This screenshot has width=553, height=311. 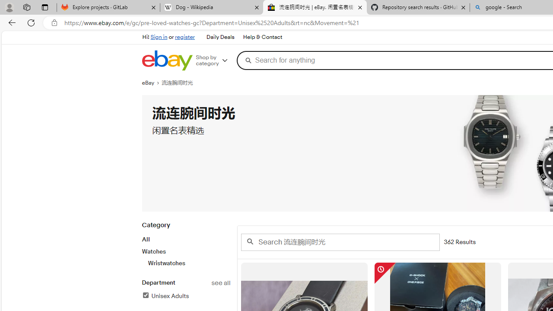 I want to click on 'WatchesWristwatches', so click(x=185, y=257).